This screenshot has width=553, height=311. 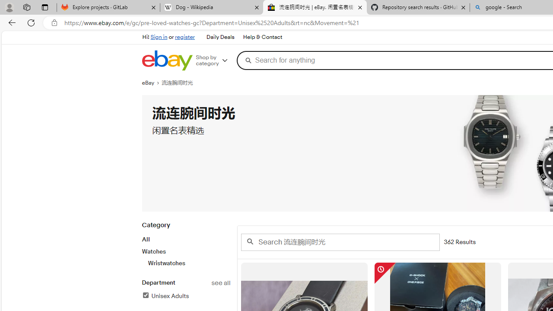 I want to click on 'WatchesWristwatches', so click(x=185, y=257).